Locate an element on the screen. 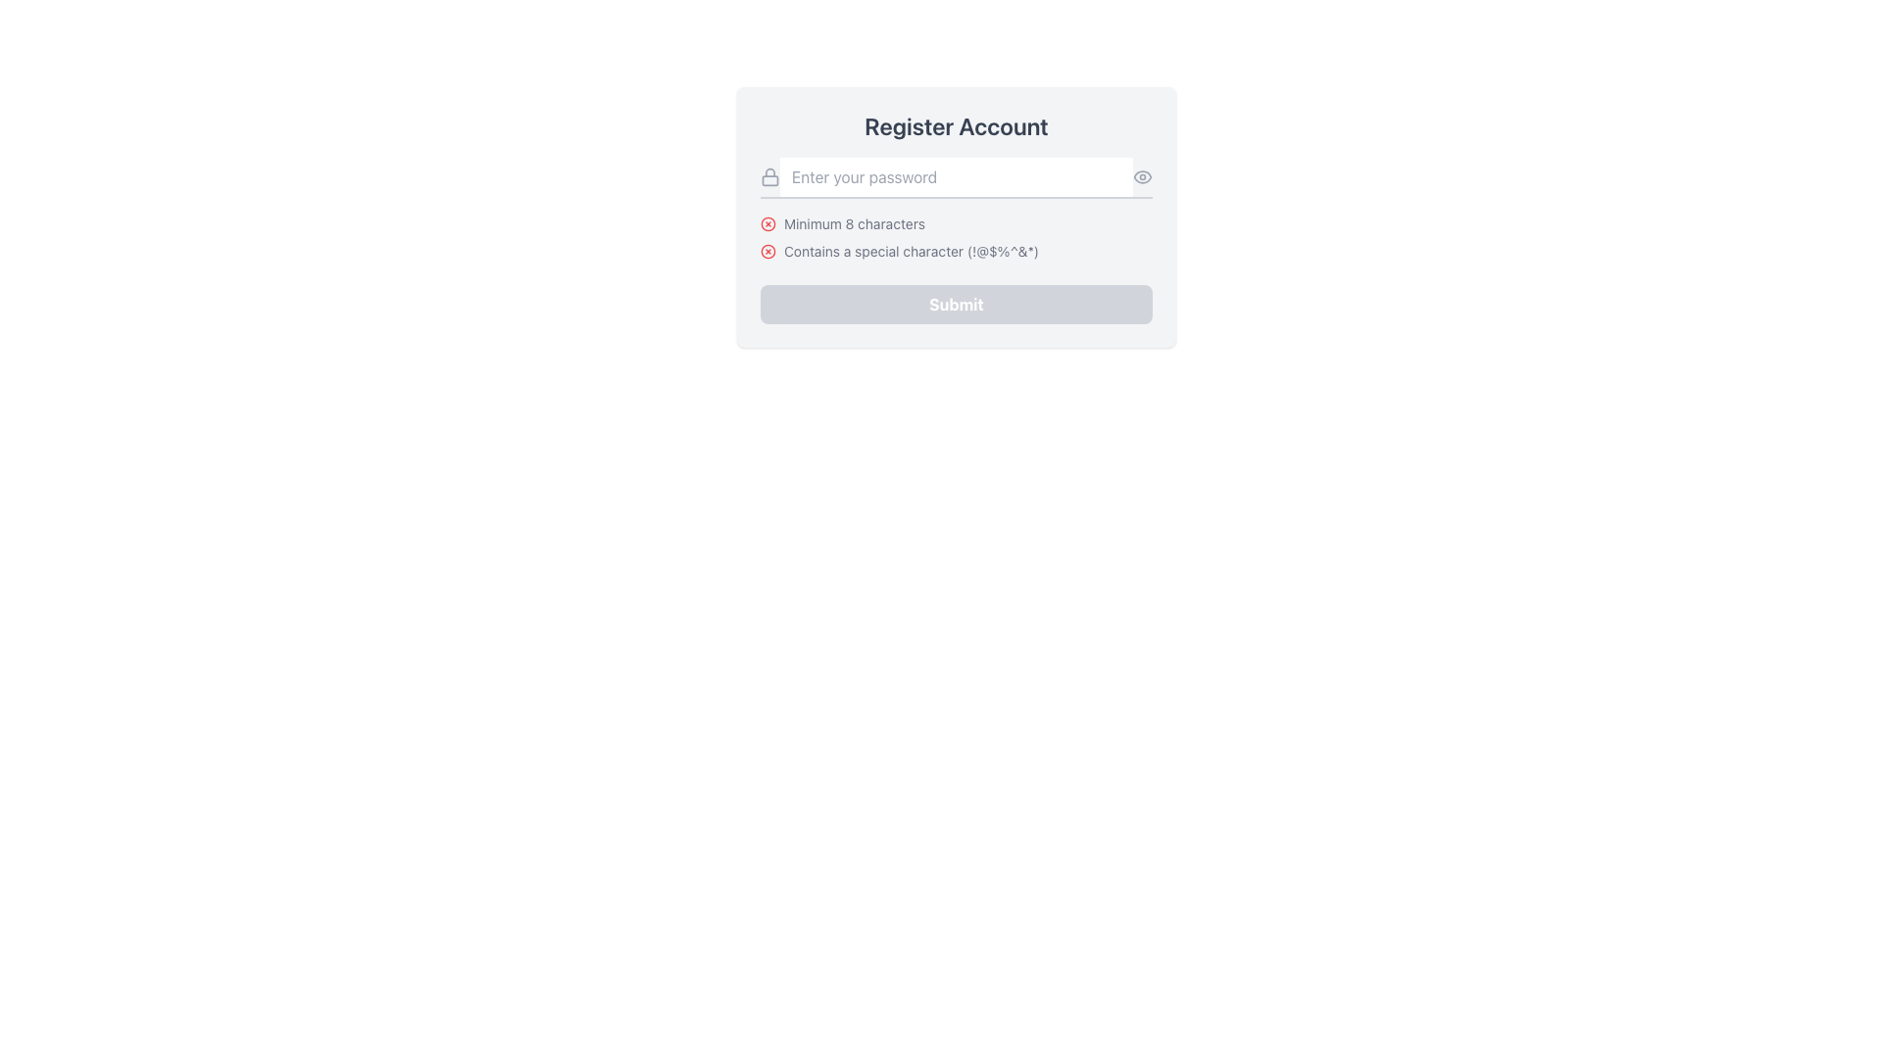 This screenshot has width=1882, height=1058. the second description in the 'Register Account' section that indicates the requirement for including a special character in the password, located beneath 'Minimum 8 characters' is located at coordinates (956, 251).